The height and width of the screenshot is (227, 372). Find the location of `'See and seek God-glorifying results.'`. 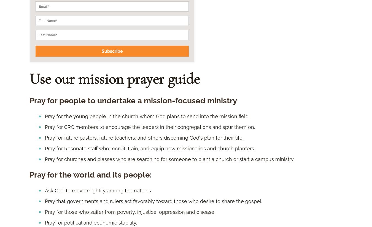

'See and seek God-glorifying results.' is located at coordinates (88, 64).